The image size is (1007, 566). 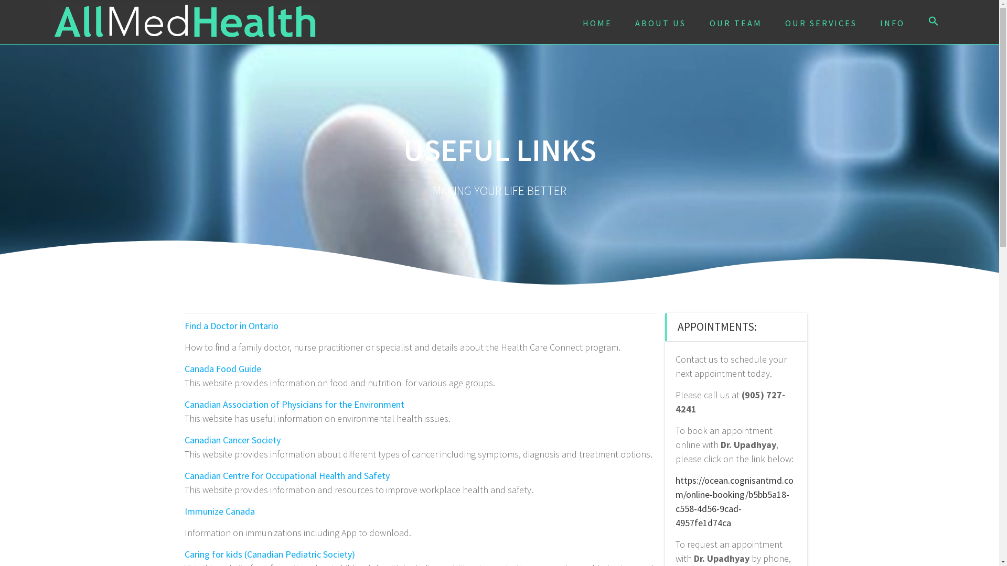 I want to click on 'Caring for kids (Canadian Pediatric Society)', so click(x=270, y=553).